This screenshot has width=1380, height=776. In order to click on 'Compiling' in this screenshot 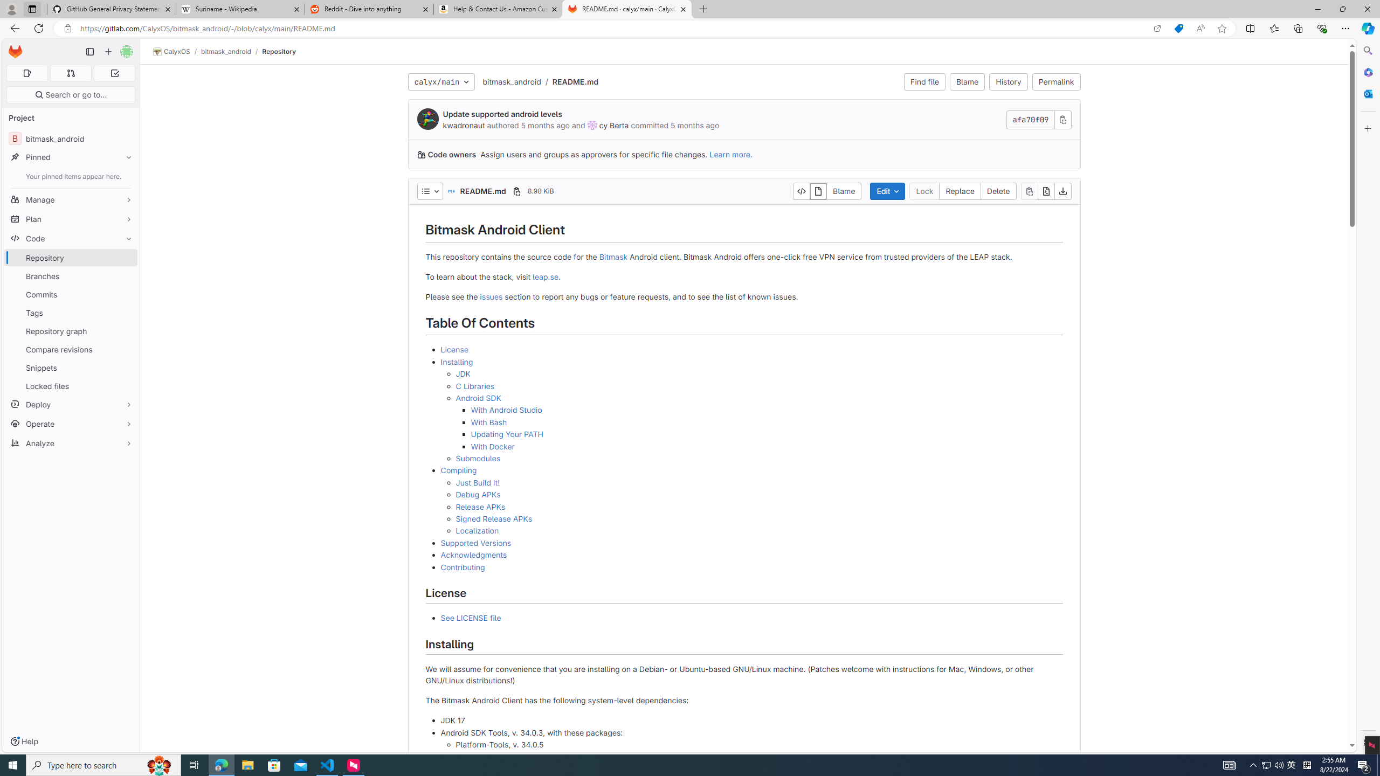, I will do `click(459, 470)`.